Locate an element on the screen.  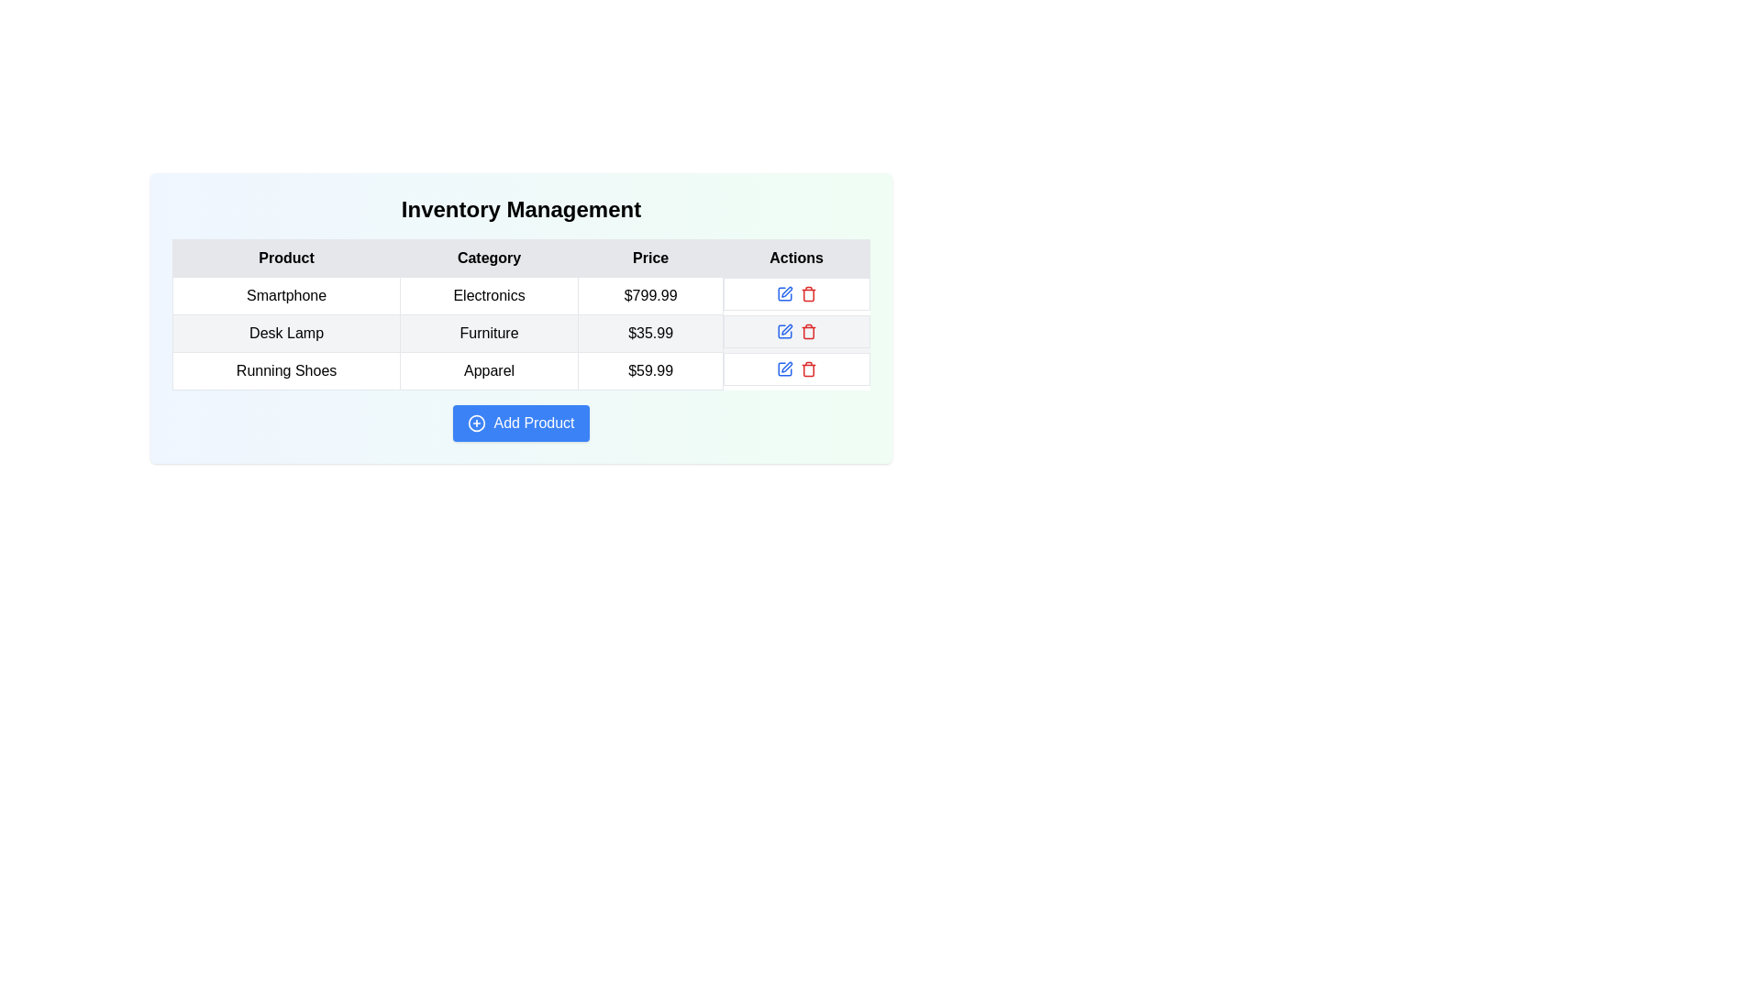
'Category' header label, which is the second item in the table header row, centered in the second column and styled with a bold font against a light gray background is located at coordinates (489, 258).